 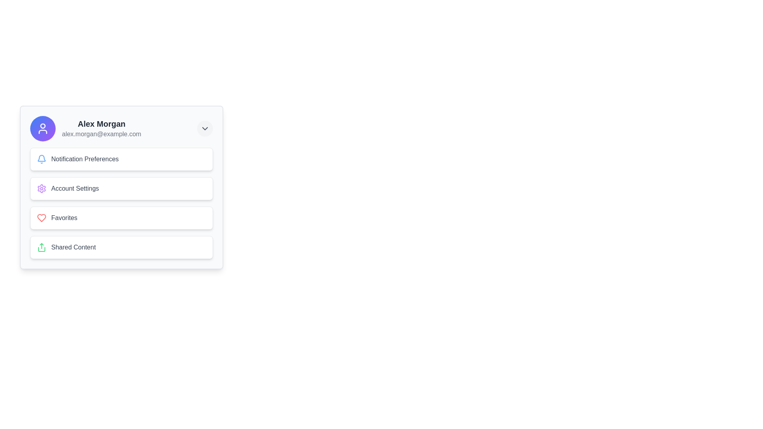 I want to click on the descriptive text label indicating the action related to sharing content, which is positioned to the right of the green share icon, so click(x=74, y=247).